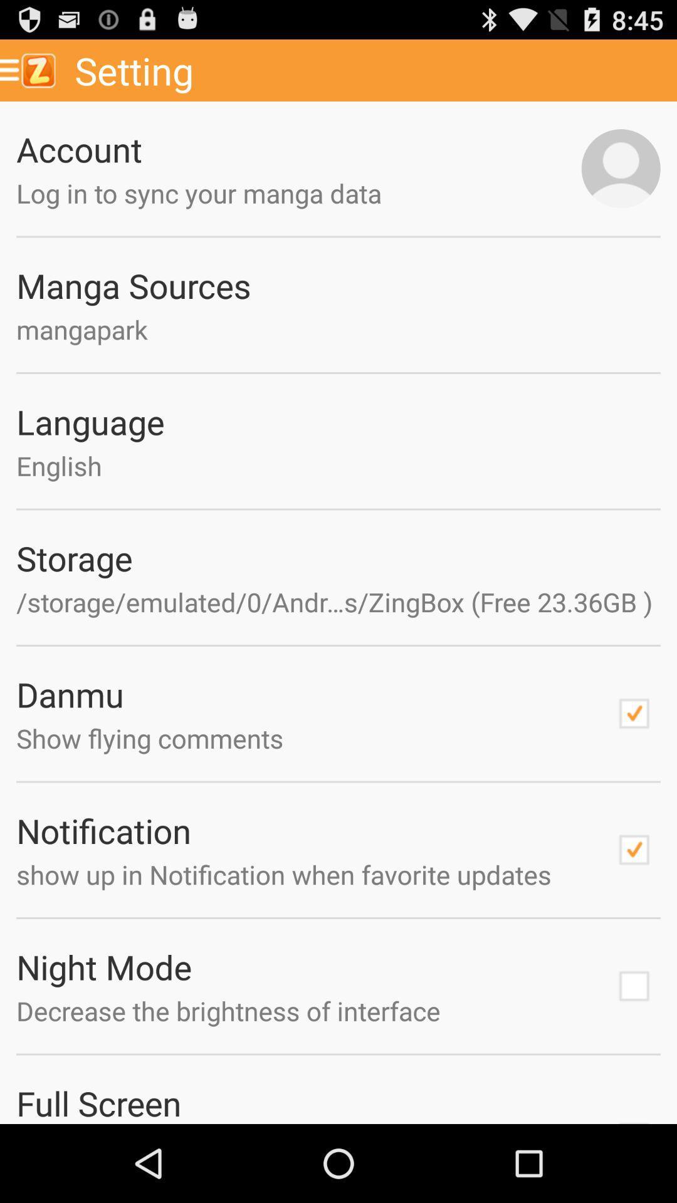  Describe the element at coordinates (370, 70) in the screenshot. I see `setting` at that location.